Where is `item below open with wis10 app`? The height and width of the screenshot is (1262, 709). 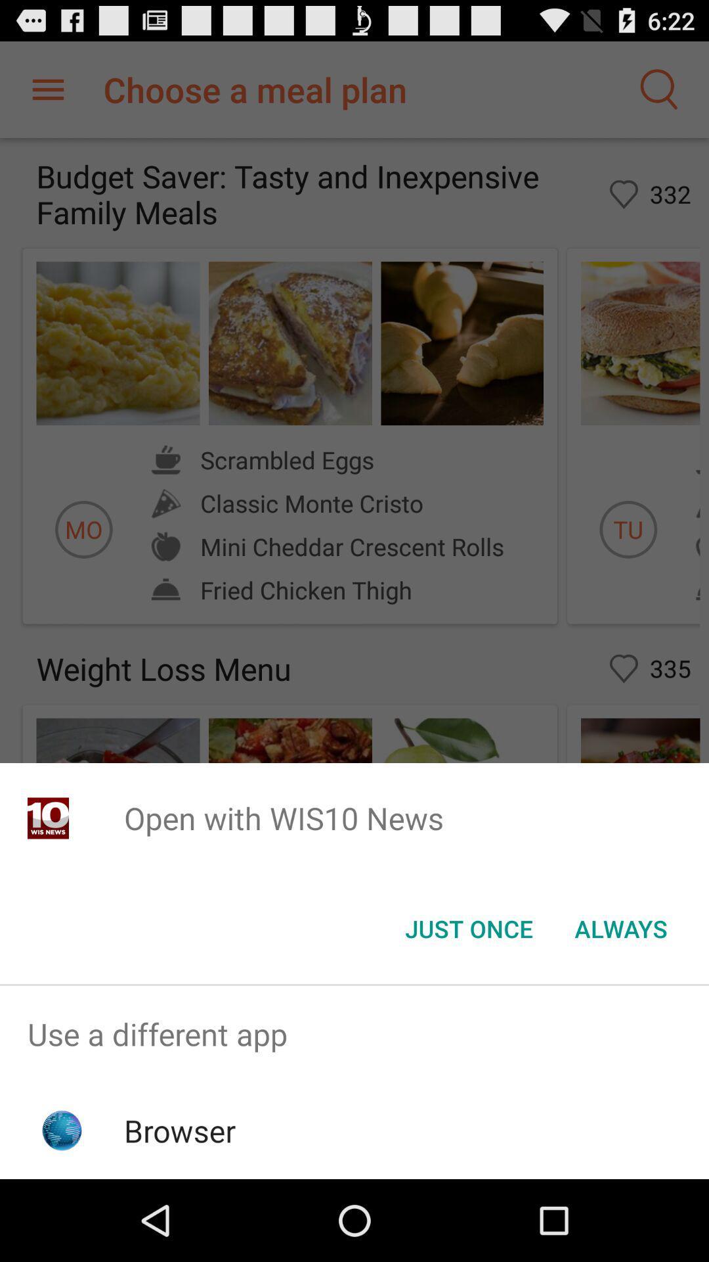
item below open with wis10 app is located at coordinates (620, 927).